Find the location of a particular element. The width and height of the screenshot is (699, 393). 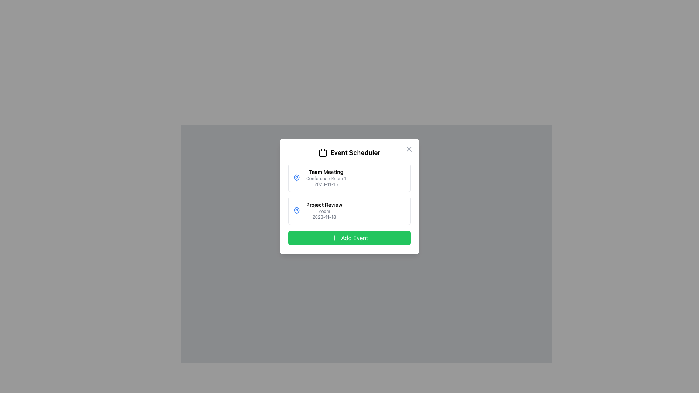

the small, circular gray button with an 'X' icon located at the top-right corner of the 'Event Scheduler' card to change its appearance is located at coordinates (409, 148).